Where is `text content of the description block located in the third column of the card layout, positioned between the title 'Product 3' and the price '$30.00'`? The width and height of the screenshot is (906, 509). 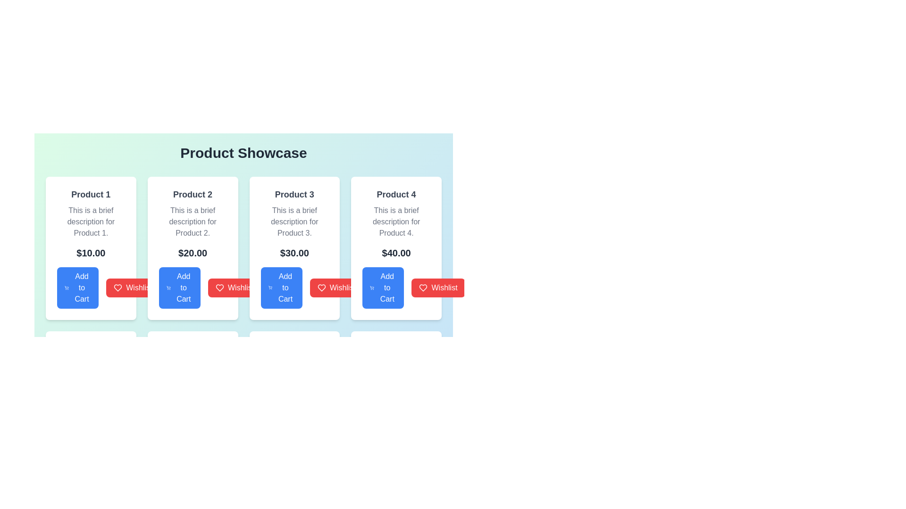
text content of the description block located in the third column of the card layout, positioned between the title 'Product 3' and the price '$30.00' is located at coordinates (294, 222).